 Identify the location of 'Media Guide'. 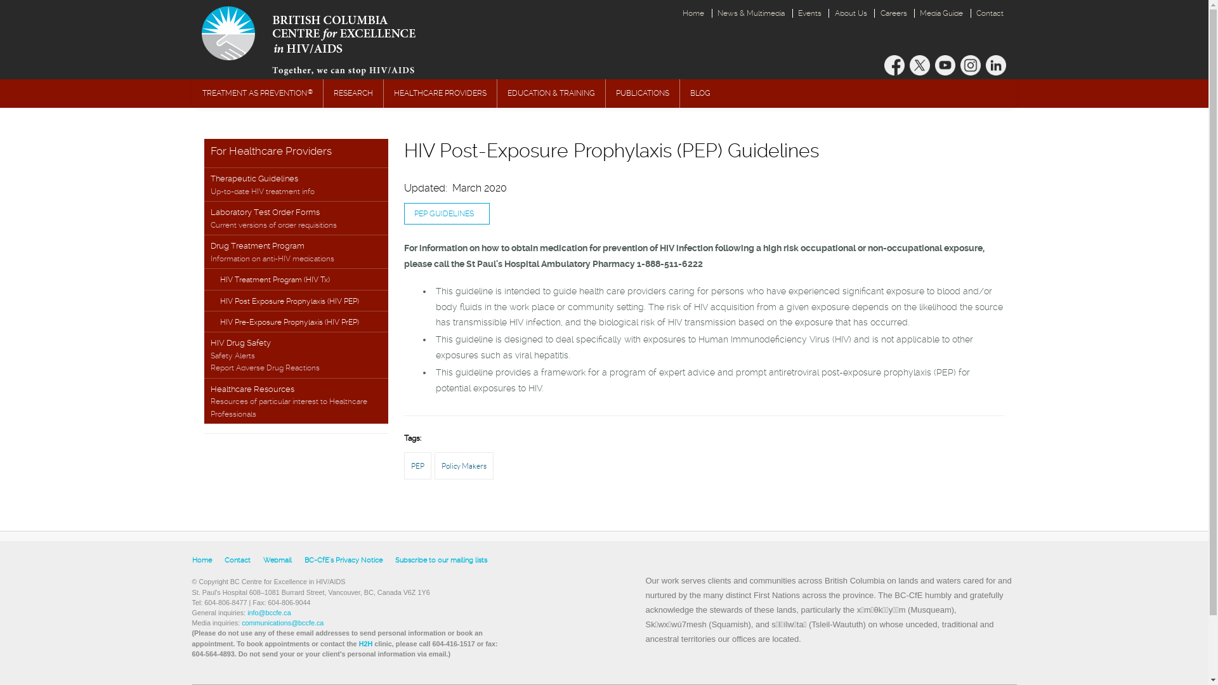
(941, 13).